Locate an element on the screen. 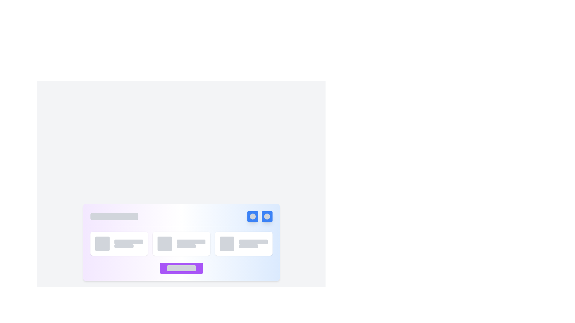 This screenshot has height=323, width=575. the narrow rectangular placeholder (Skeleton Loader) with a light gray background located below a dark gray rectangular placeholder in the lower-right quadrant of the interface is located at coordinates (253, 246).